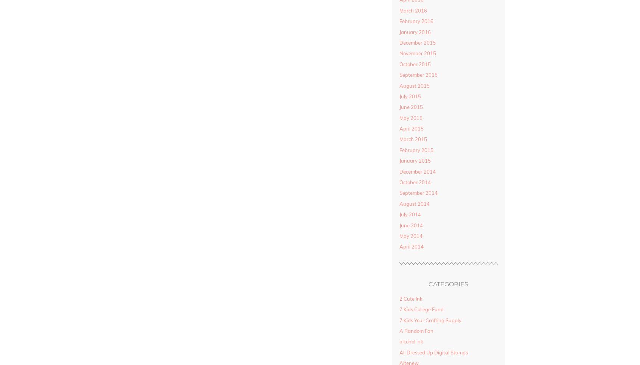 The width and height of the screenshot is (640, 365). Describe the element at coordinates (398, 341) in the screenshot. I see `'alcohol ink'` at that location.